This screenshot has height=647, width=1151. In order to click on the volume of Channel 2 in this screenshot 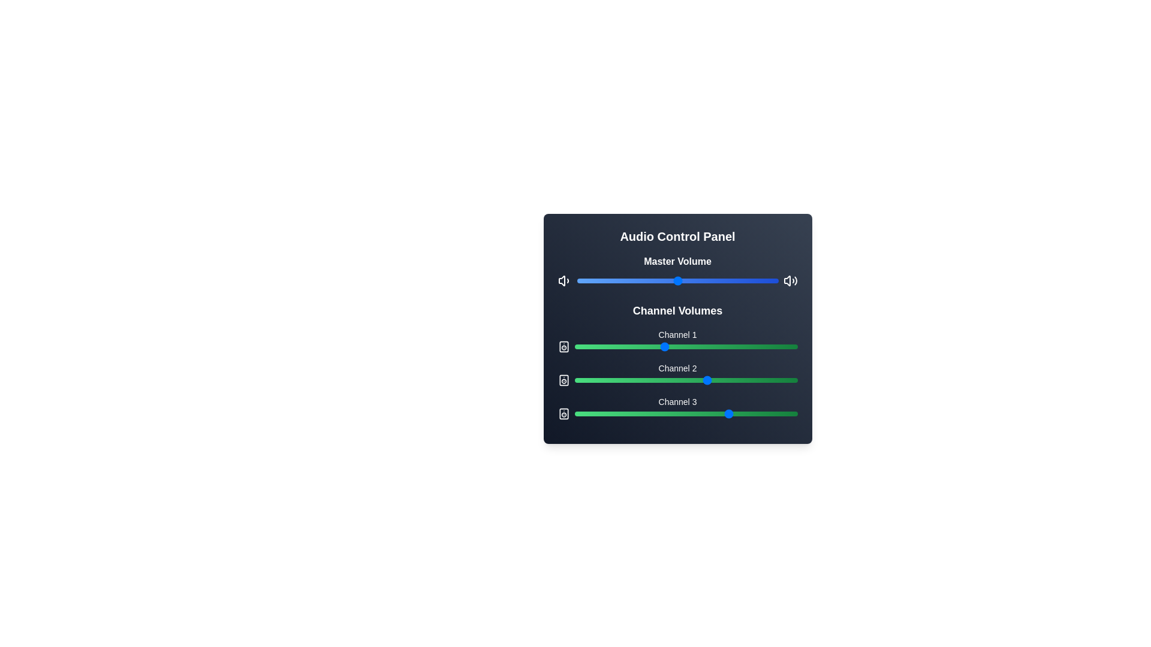, I will do `click(673, 380)`.